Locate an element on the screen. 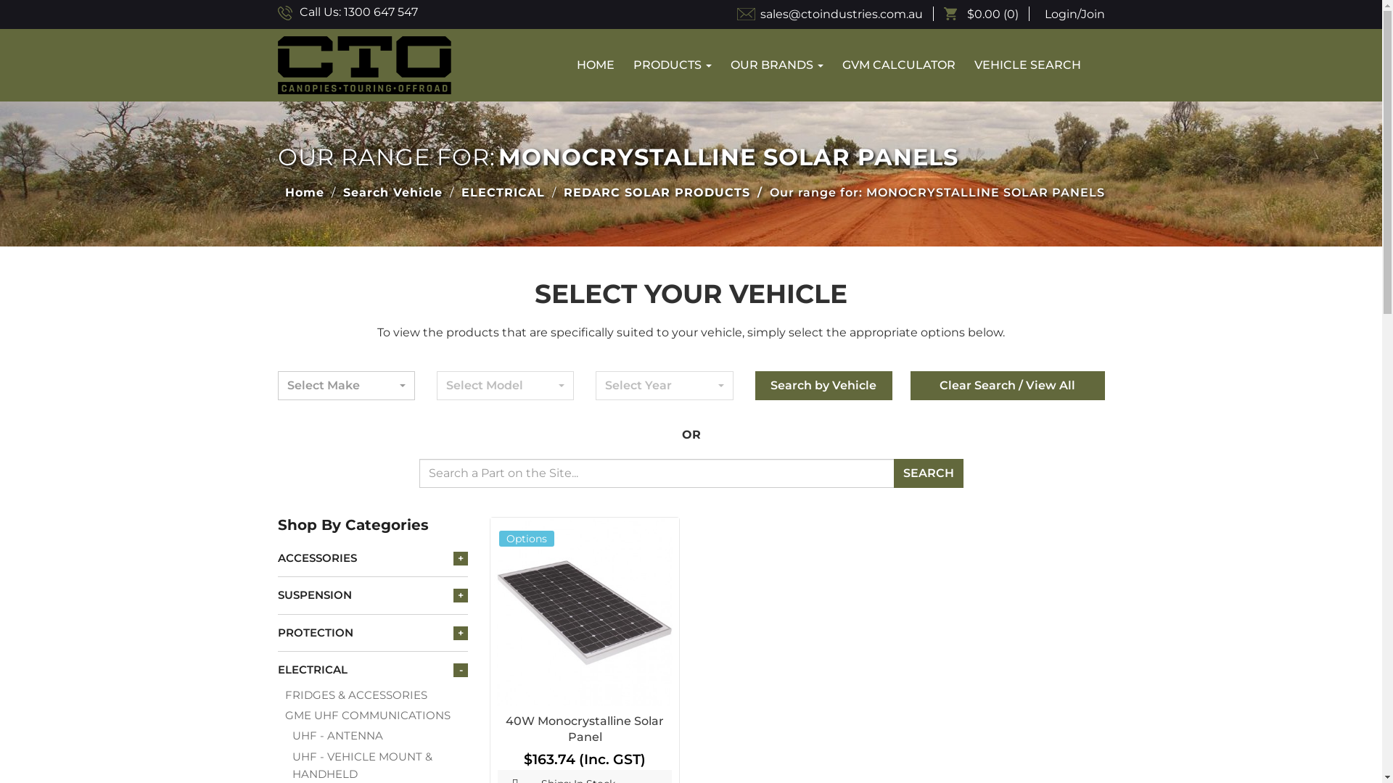  'VEHICLE SEARCH' is located at coordinates (1027, 64).